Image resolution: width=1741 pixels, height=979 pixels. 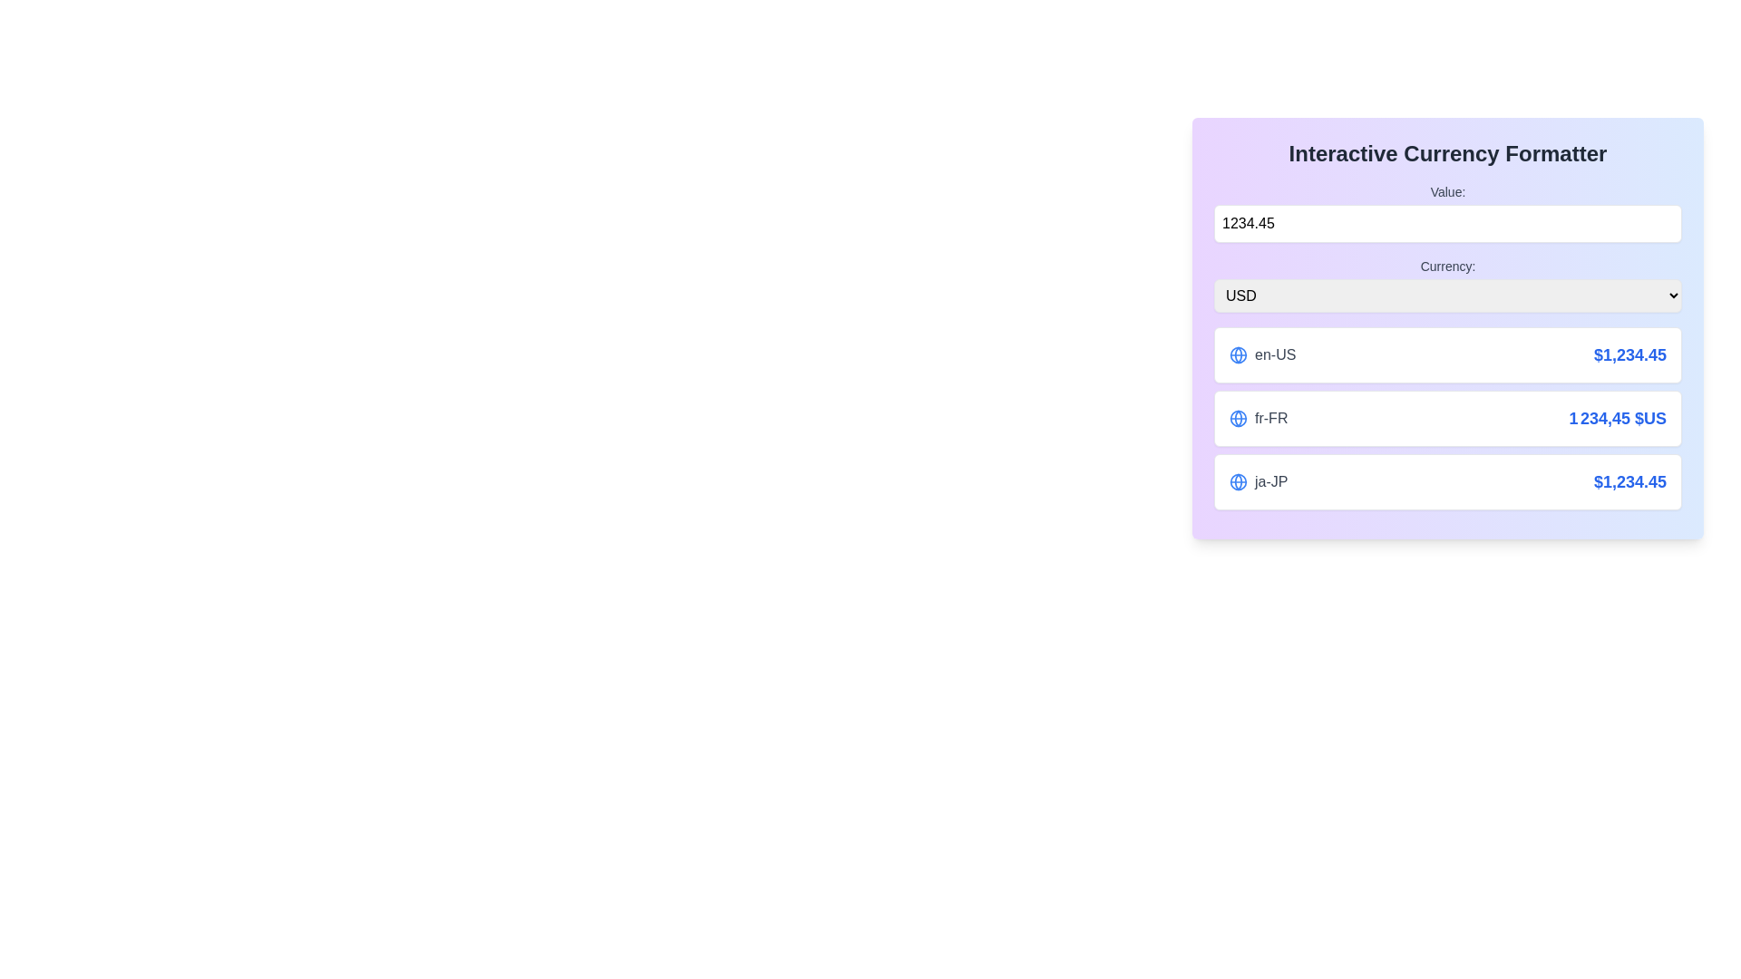 I want to click on displayed text 'en-US' from the text label that is styled in medium-bold gray, located within the 'Interactive Currency Formatter' section, to the right of the globe icon, so click(x=1274, y=355).